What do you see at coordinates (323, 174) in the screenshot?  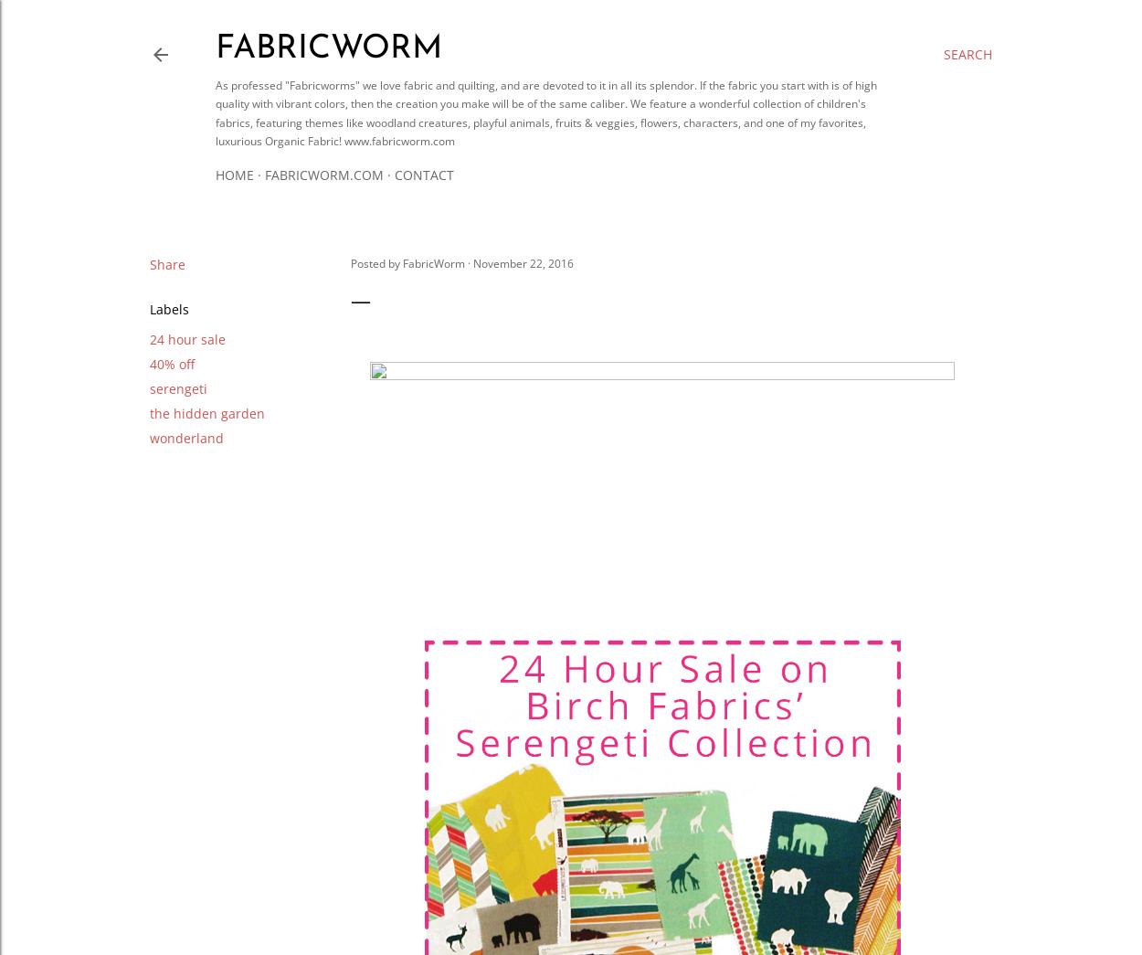 I see `'Fabricworm.com'` at bounding box center [323, 174].